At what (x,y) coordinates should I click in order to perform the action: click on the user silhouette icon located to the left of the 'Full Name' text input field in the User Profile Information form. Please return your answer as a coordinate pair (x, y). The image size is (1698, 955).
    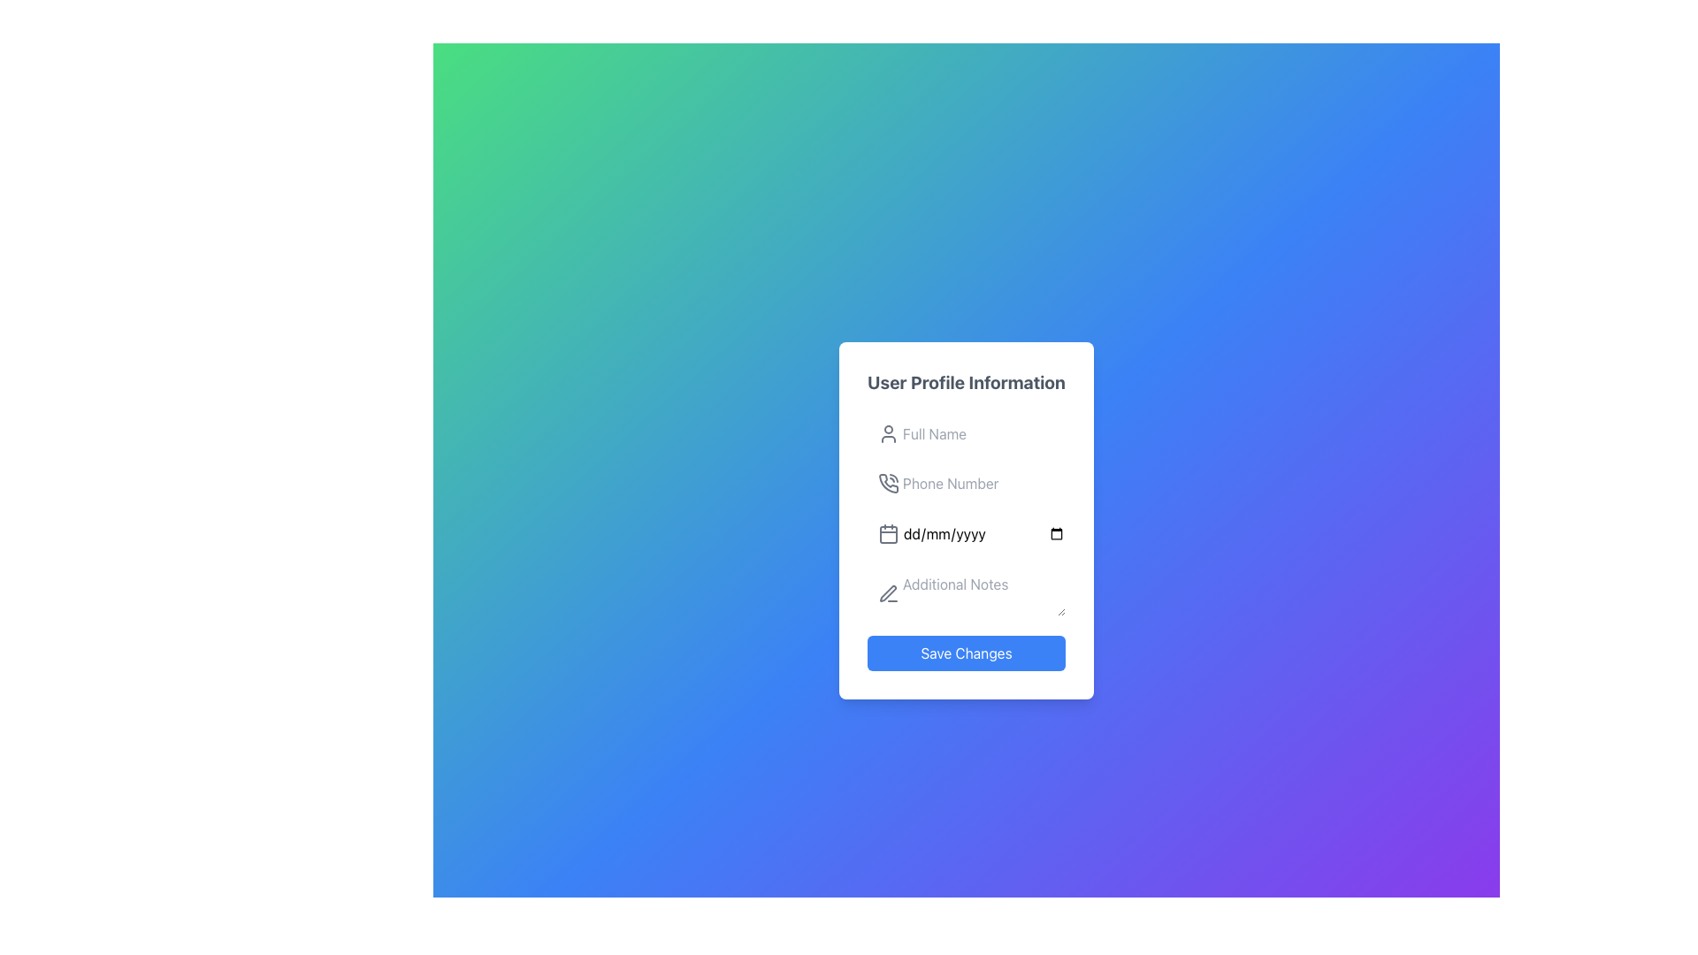
    Looking at the image, I should click on (888, 433).